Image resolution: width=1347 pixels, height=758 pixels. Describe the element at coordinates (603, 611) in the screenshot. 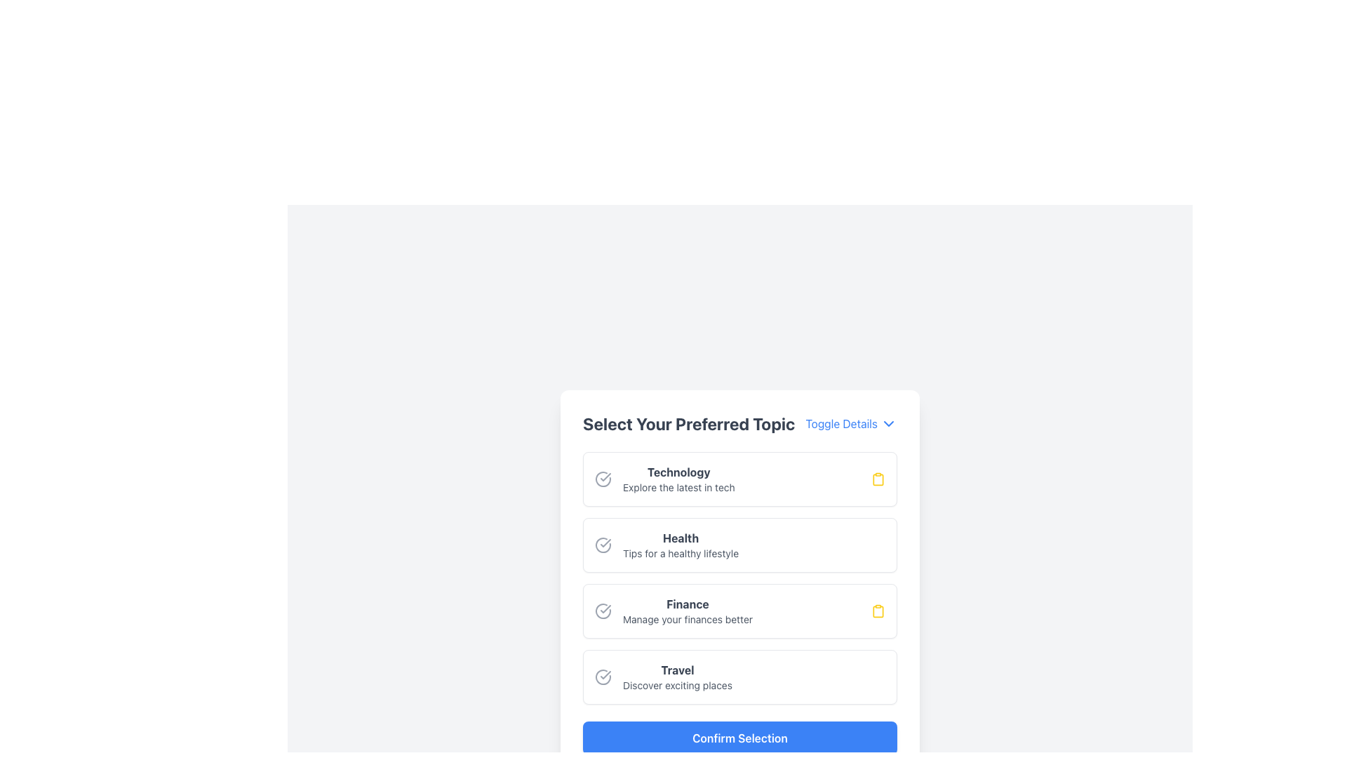

I see `the checkmark icon located to the left of the 'Finance' section under the 'Select Your Preferred Topic' header to select or deselect the 'Finance' option` at that location.